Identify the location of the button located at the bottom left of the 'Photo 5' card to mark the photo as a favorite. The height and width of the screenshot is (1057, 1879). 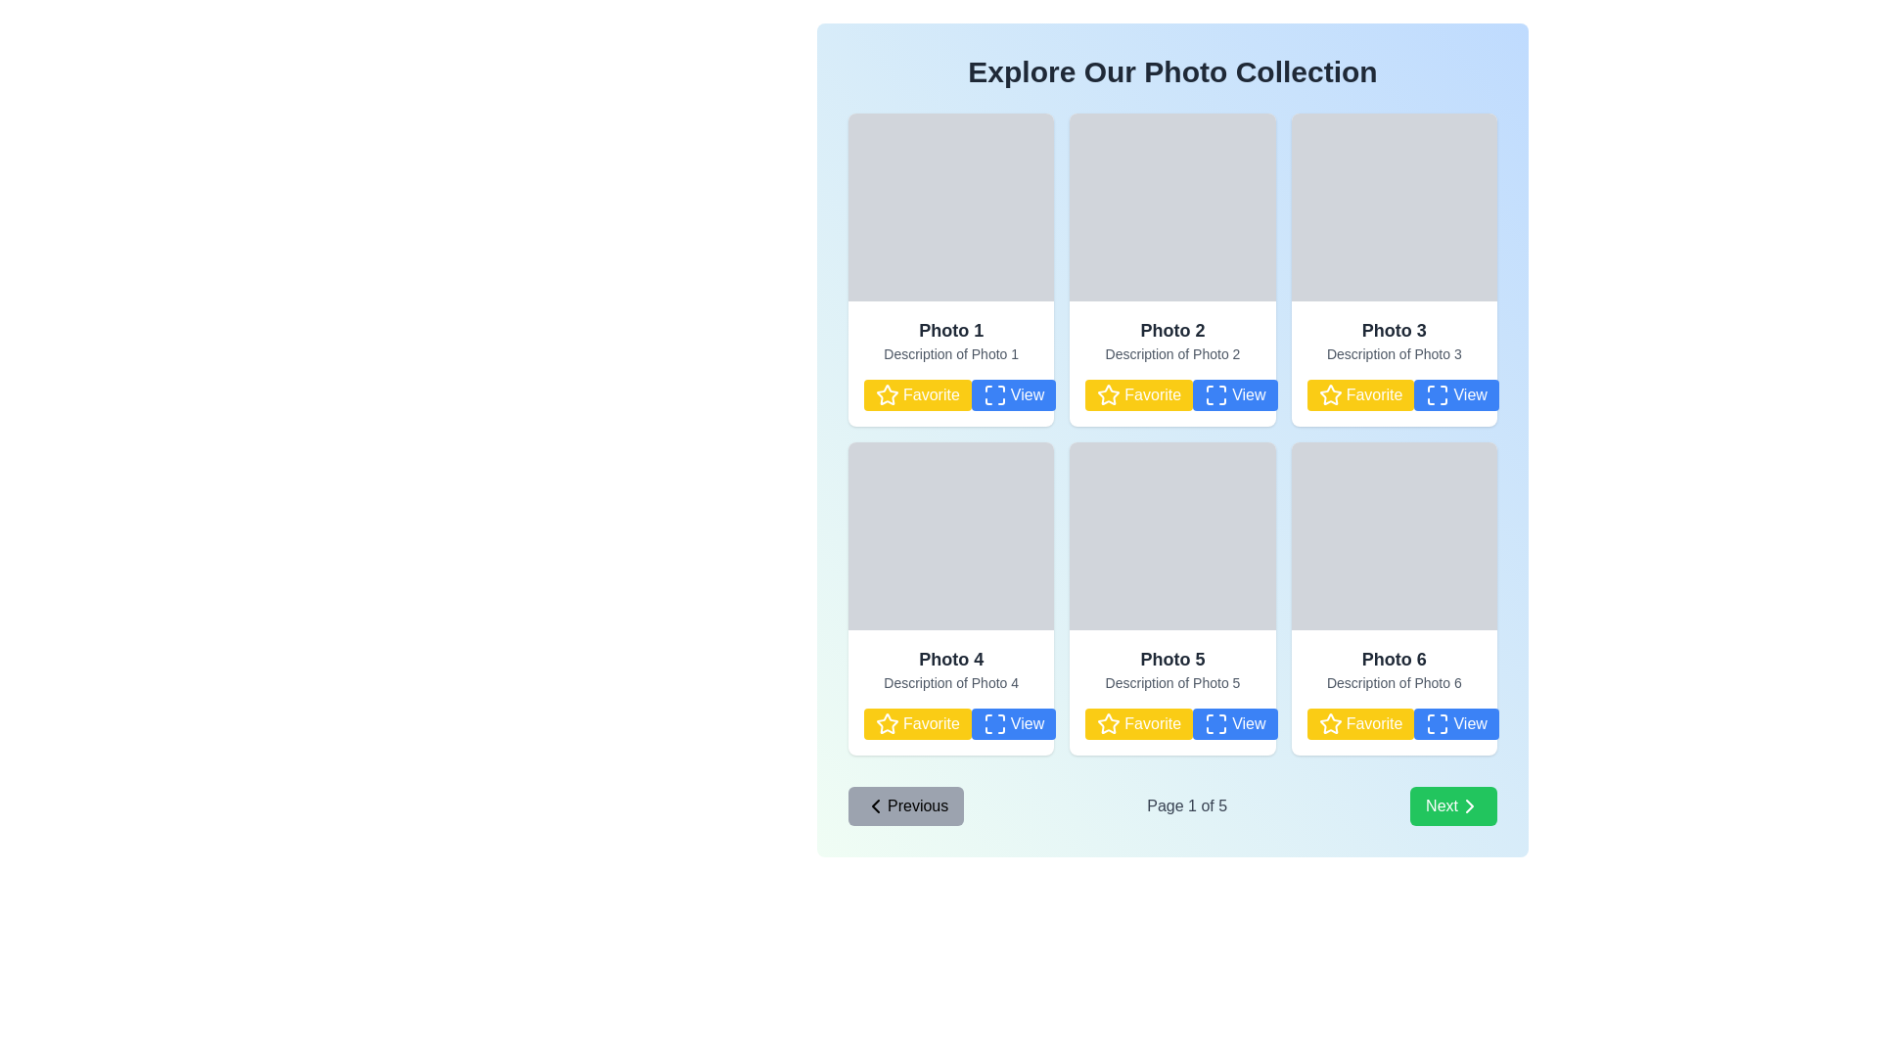
(1172, 724).